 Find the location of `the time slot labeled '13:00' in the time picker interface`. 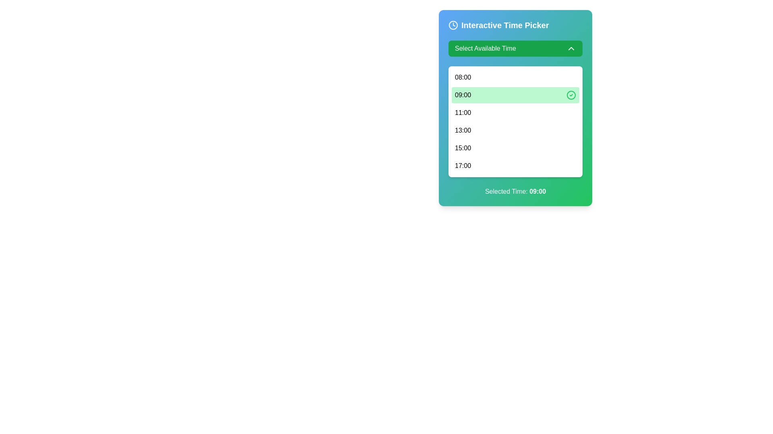

the time slot labeled '13:00' in the time picker interface is located at coordinates (515, 130).